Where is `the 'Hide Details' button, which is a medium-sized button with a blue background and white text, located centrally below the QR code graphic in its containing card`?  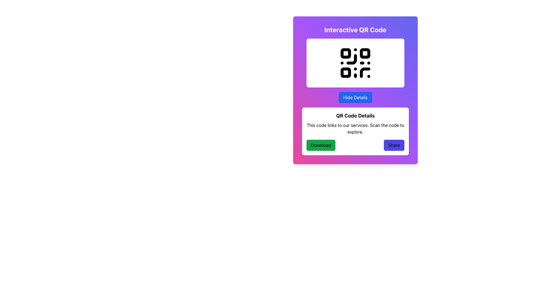
the 'Hide Details' button, which is a medium-sized button with a blue background and white text, located centrally below the QR code graphic in its containing card is located at coordinates (355, 97).